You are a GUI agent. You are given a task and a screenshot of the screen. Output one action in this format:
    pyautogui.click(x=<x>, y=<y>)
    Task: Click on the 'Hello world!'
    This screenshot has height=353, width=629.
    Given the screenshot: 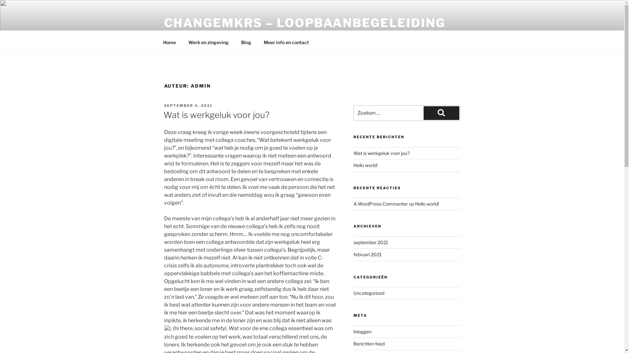 What is the action you would take?
    pyautogui.click(x=427, y=203)
    